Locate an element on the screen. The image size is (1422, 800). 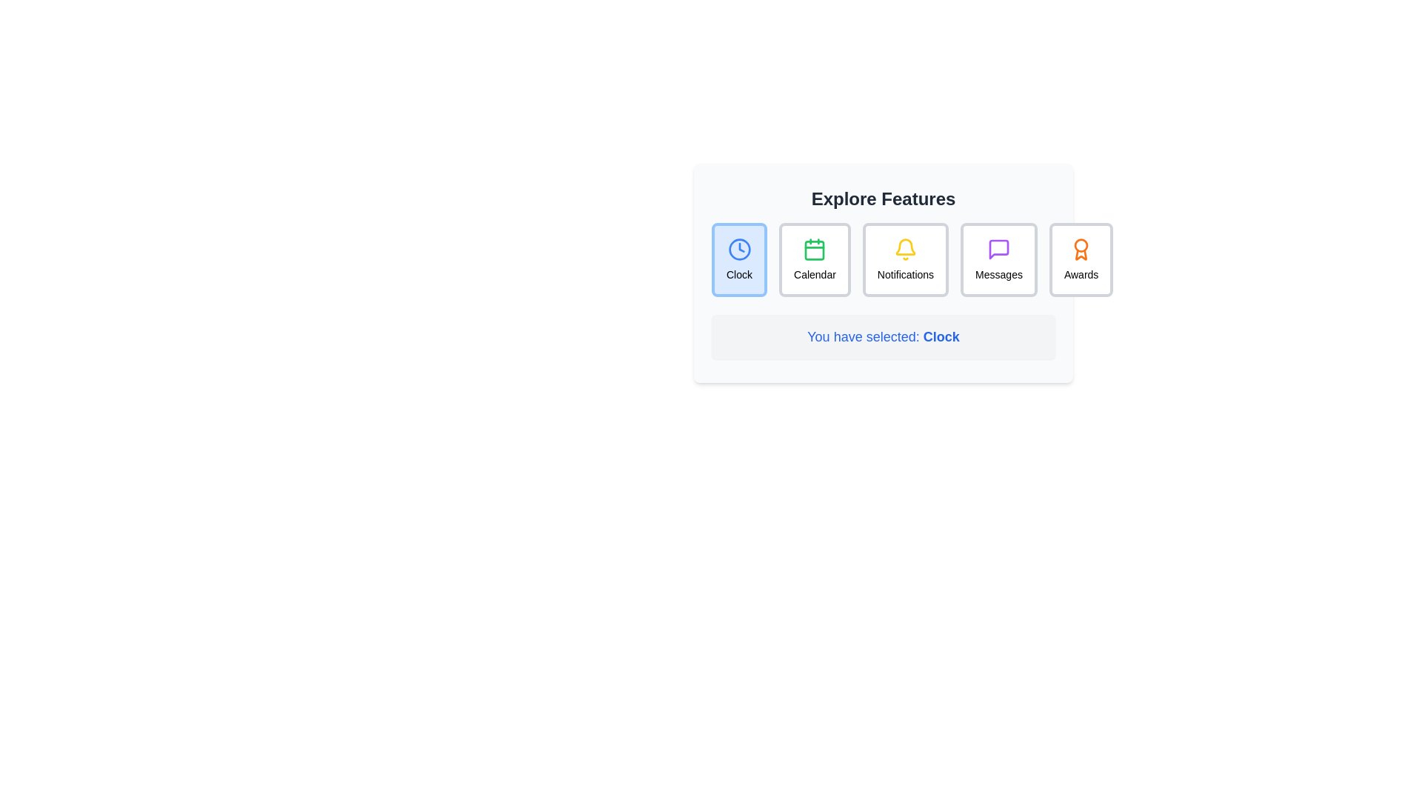
the 'Calendar' icon, which is the second item from the left in a row of selectable feature options is located at coordinates (814, 248).